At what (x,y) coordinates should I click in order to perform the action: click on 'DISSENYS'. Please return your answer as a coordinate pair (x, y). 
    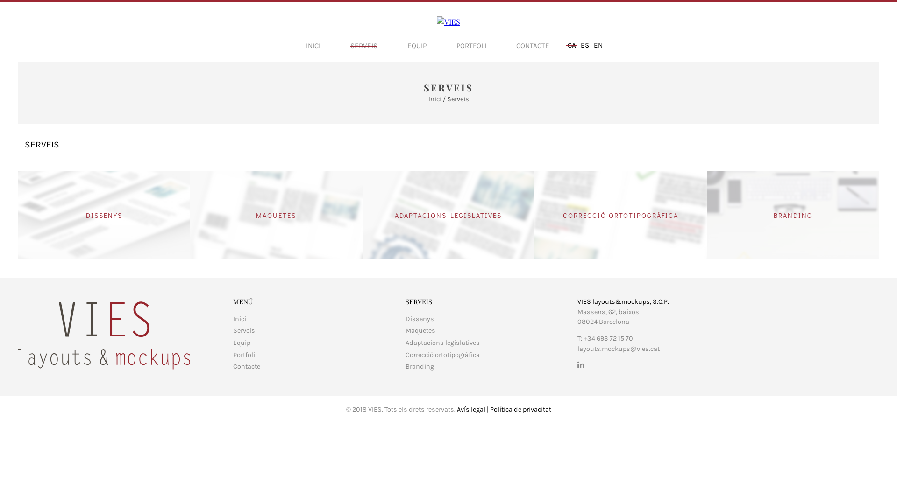
    Looking at the image, I should click on (104, 215).